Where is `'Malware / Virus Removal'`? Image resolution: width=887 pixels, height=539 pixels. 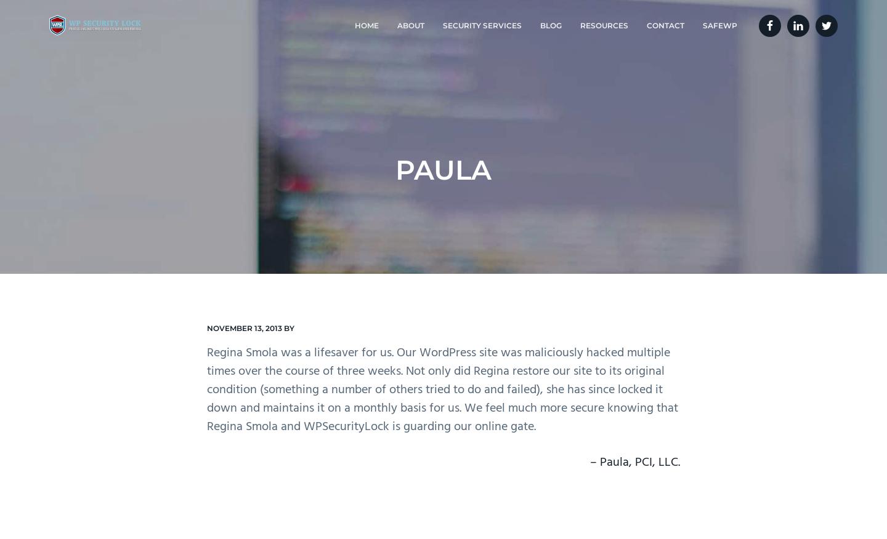 'Malware / Virus Removal' is located at coordinates (479, 70).